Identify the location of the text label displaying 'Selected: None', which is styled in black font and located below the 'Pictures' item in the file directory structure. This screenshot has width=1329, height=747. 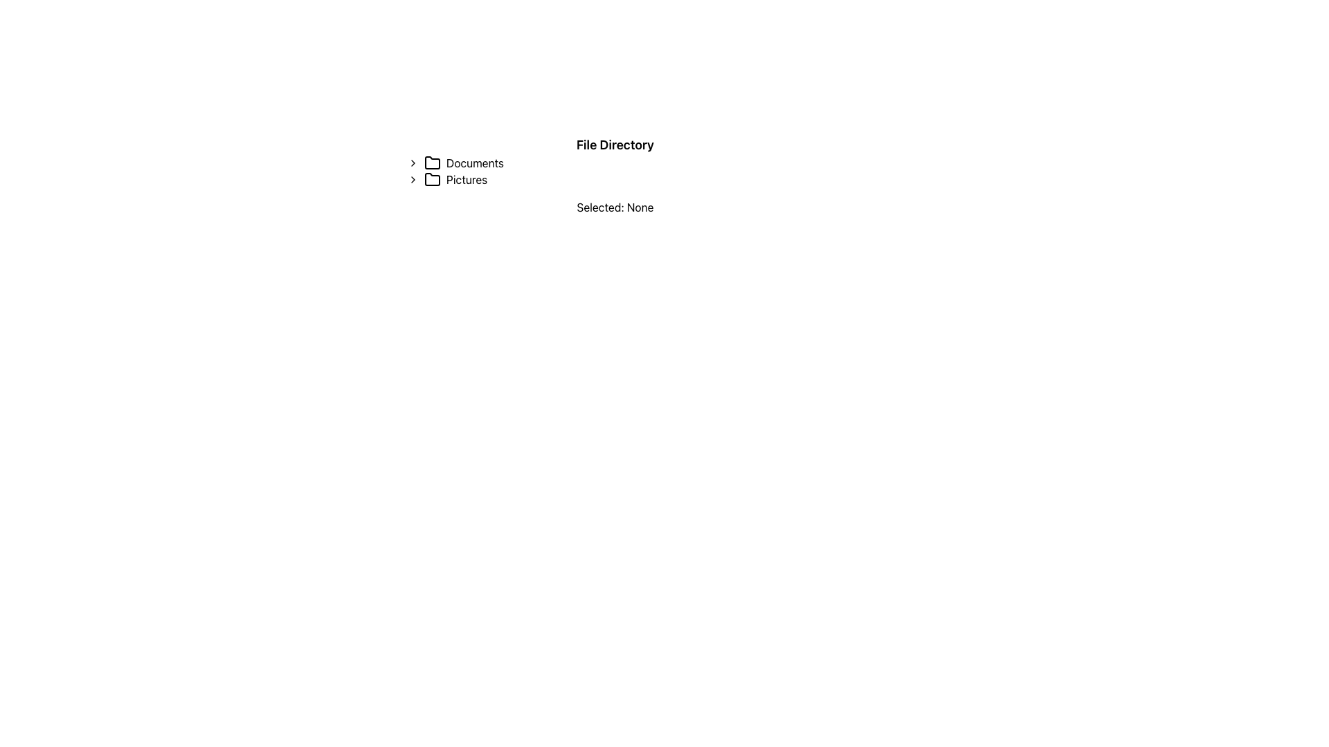
(614, 207).